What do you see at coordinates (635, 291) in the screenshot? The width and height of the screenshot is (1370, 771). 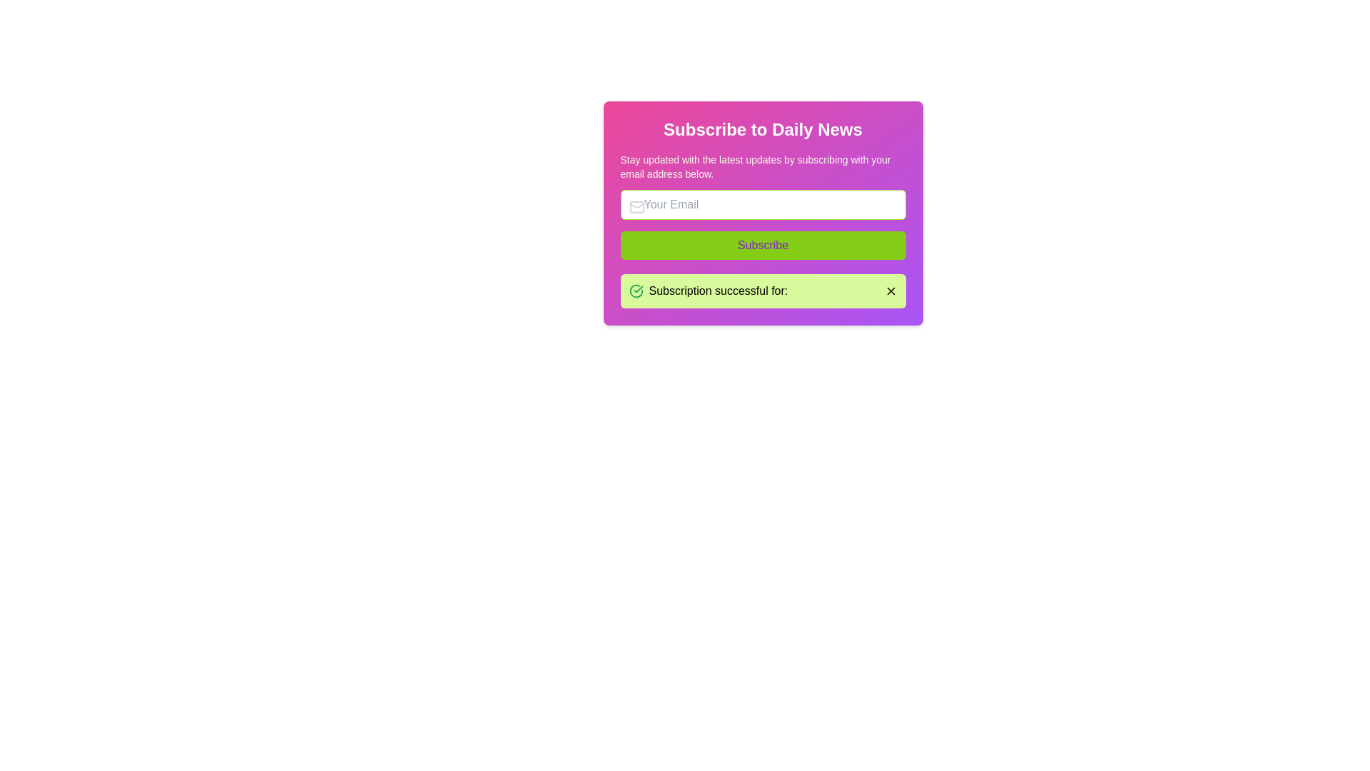 I see `the visual confirmation icon indicating the success of the subscription action, located to the left of the text 'Subscription successful for:' within the alert box` at bounding box center [635, 291].